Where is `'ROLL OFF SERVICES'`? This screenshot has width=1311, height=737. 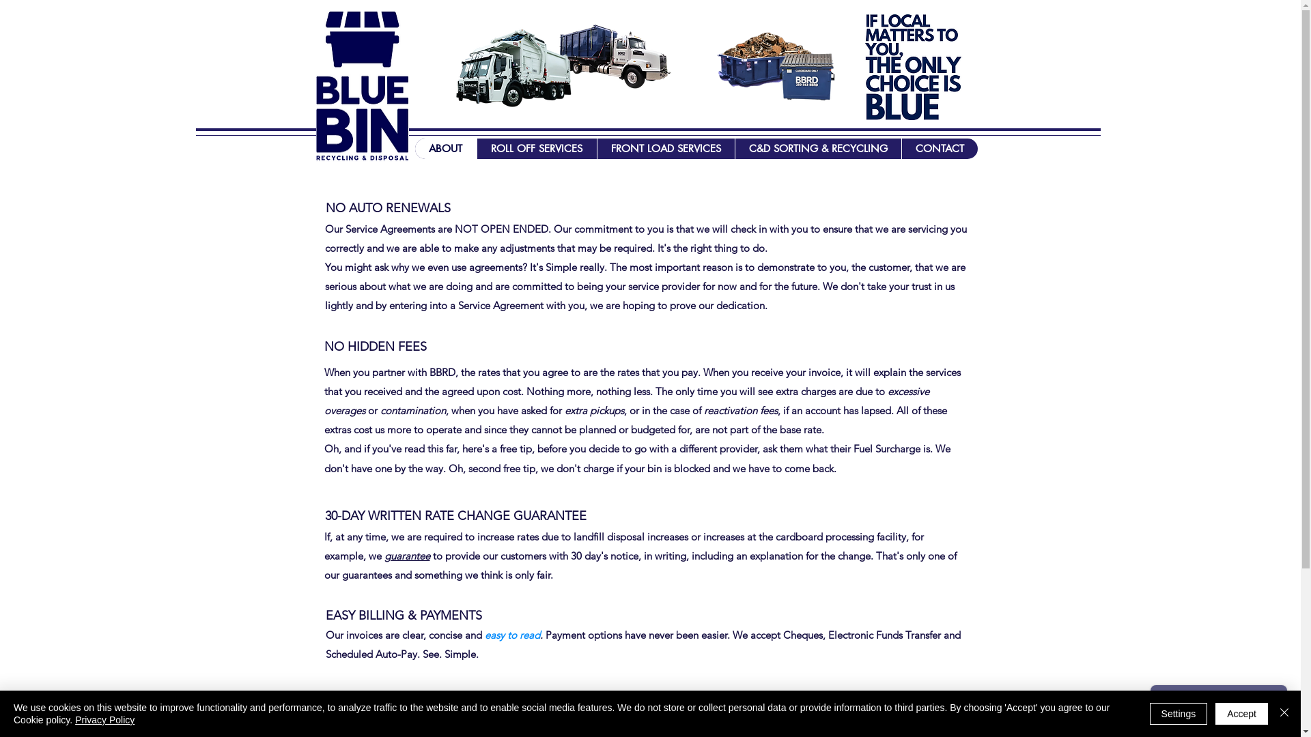 'ROLL OFF SERVICES' is located at coordinates (536, 149).